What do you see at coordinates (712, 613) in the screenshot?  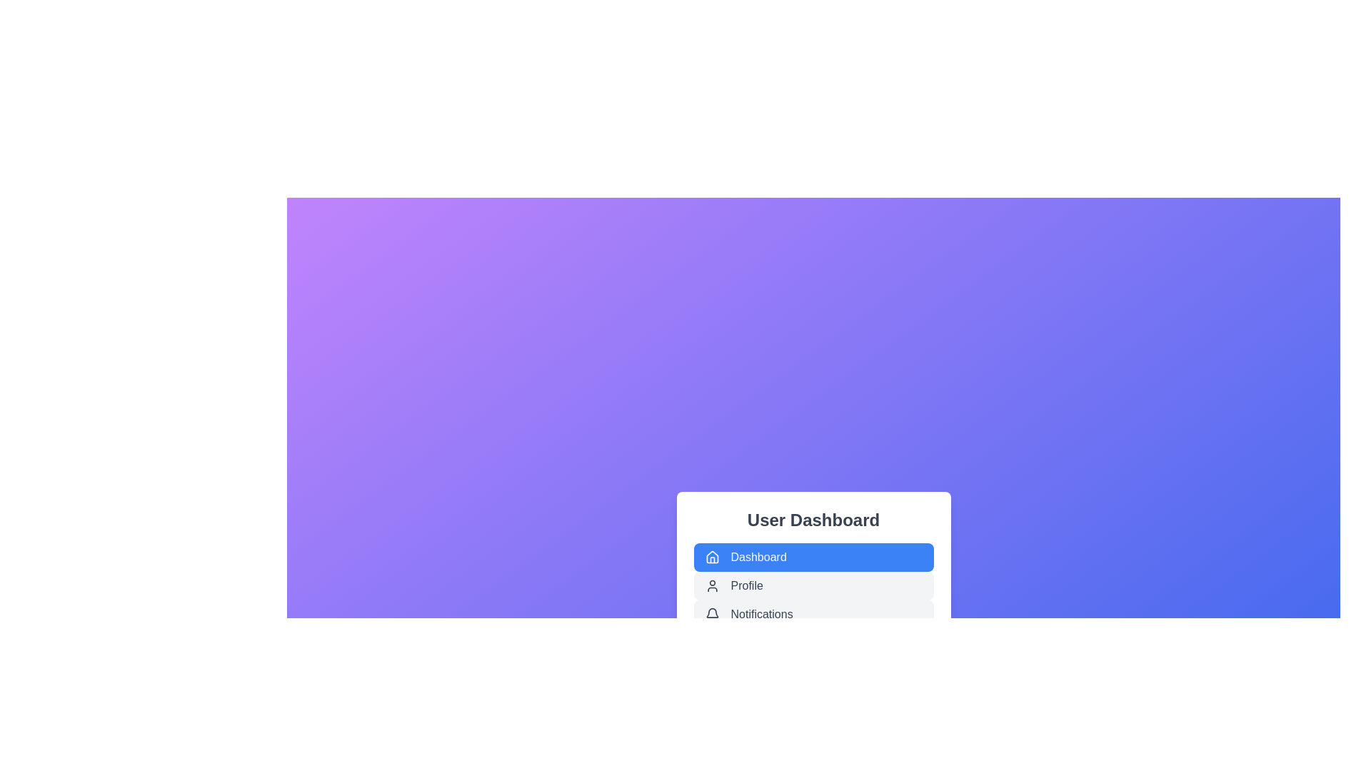 I see `the bell icon representing notifications, which is located in the 'Notifications' menu item under 'User Dashboard'` at bounding box center [712, 613].